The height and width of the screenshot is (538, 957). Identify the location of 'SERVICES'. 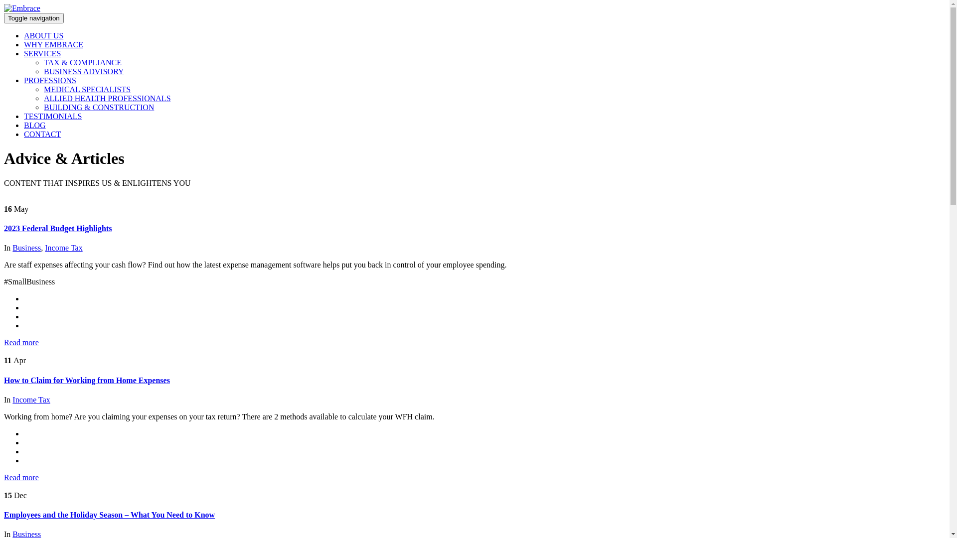
(42, 53).